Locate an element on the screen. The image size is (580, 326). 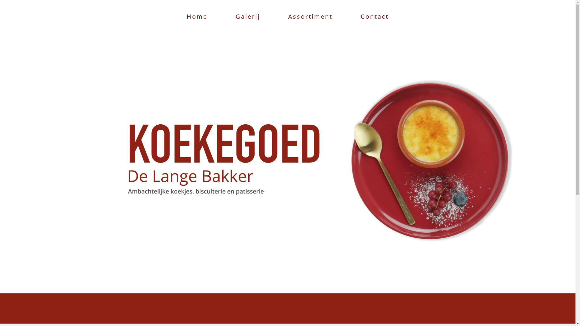
'Contact' is located at coordinates (374, 16).